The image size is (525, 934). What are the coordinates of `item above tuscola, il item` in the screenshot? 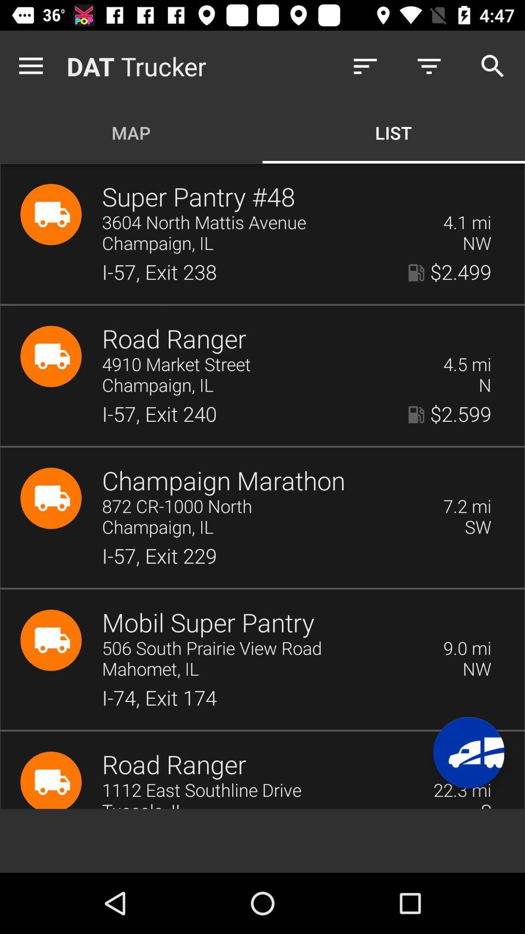 It's located at (261, 790).